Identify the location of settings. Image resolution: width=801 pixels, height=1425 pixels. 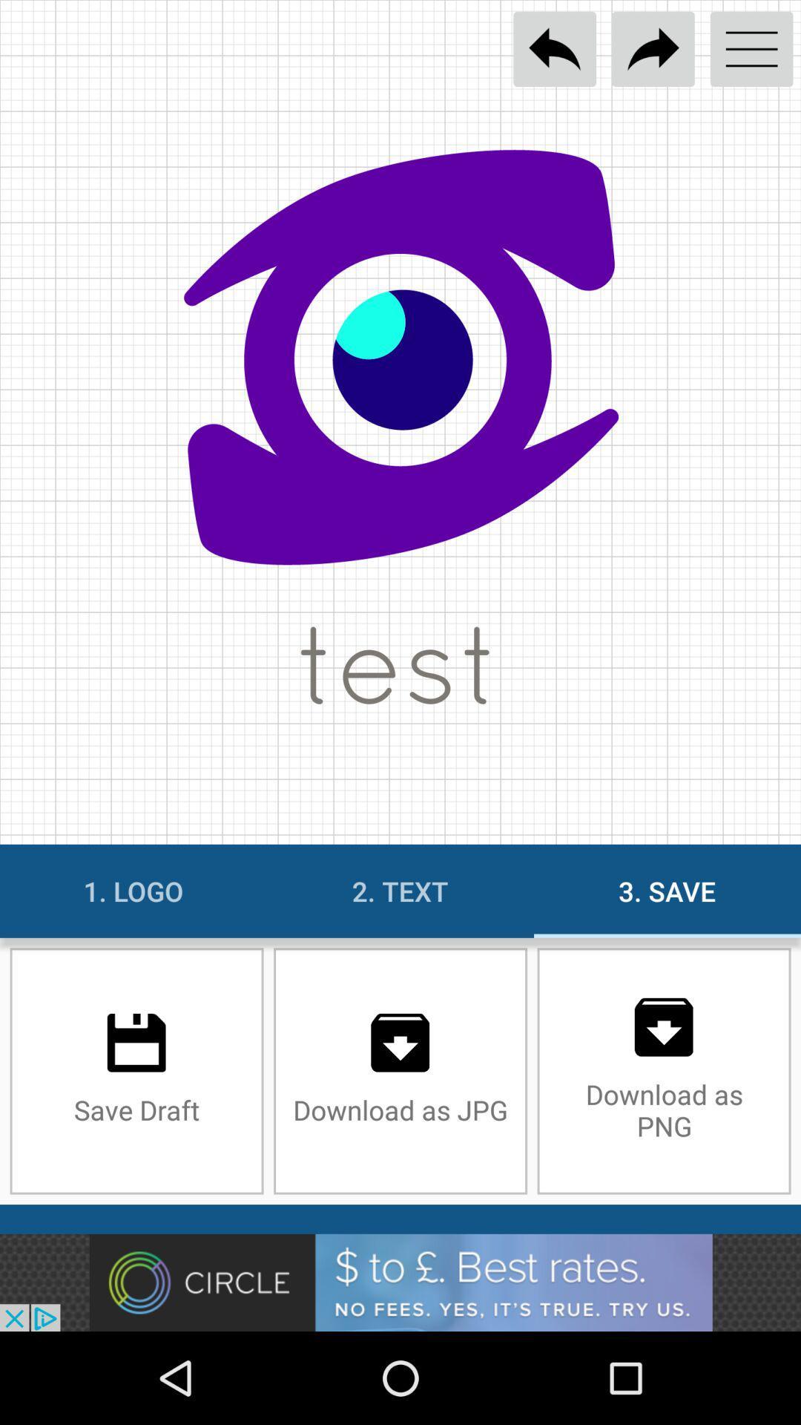
(751, 49).